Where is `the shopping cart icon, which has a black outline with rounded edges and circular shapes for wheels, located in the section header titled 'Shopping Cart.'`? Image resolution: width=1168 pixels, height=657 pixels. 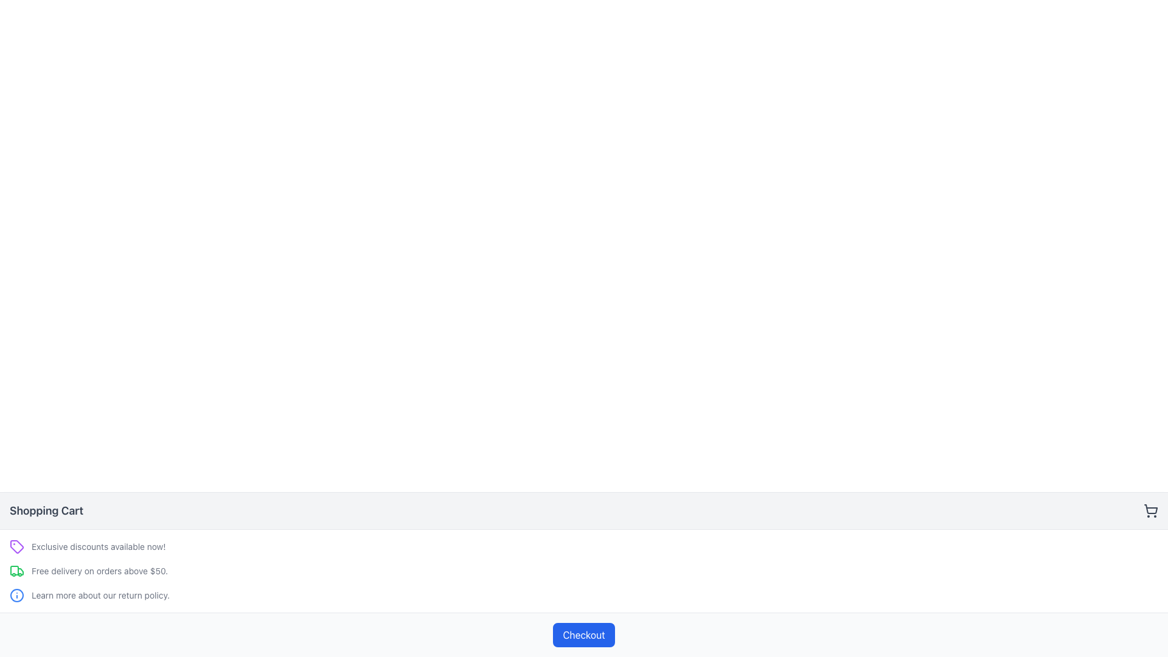 the shopping cart icon, which has a black outline with rounded edges and circular shapes for wheels, located in the section header titled 'Shopping Cart.' is located at coordinates (1150, 511).